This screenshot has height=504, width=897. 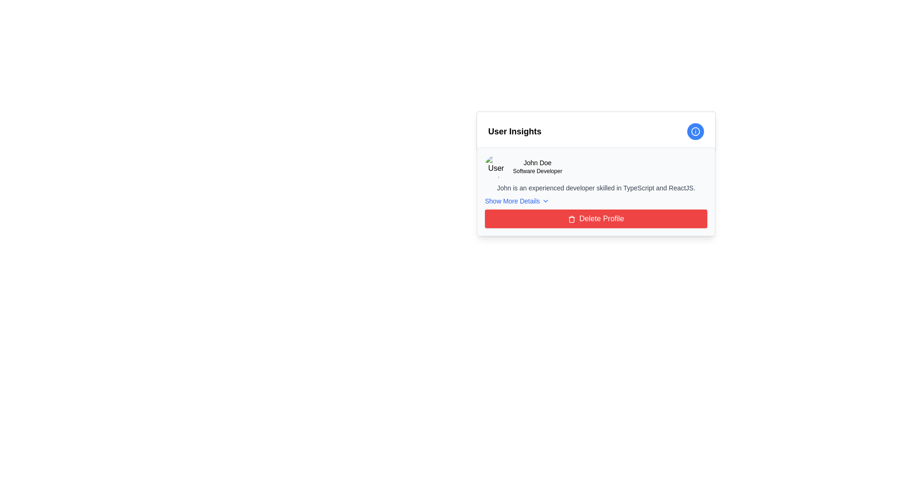 I want to click on the small circular icon button with a blue background and white border containing an info symbol, located in the top-right corner of the 'User Insights' card, so click(x=695, y=131).